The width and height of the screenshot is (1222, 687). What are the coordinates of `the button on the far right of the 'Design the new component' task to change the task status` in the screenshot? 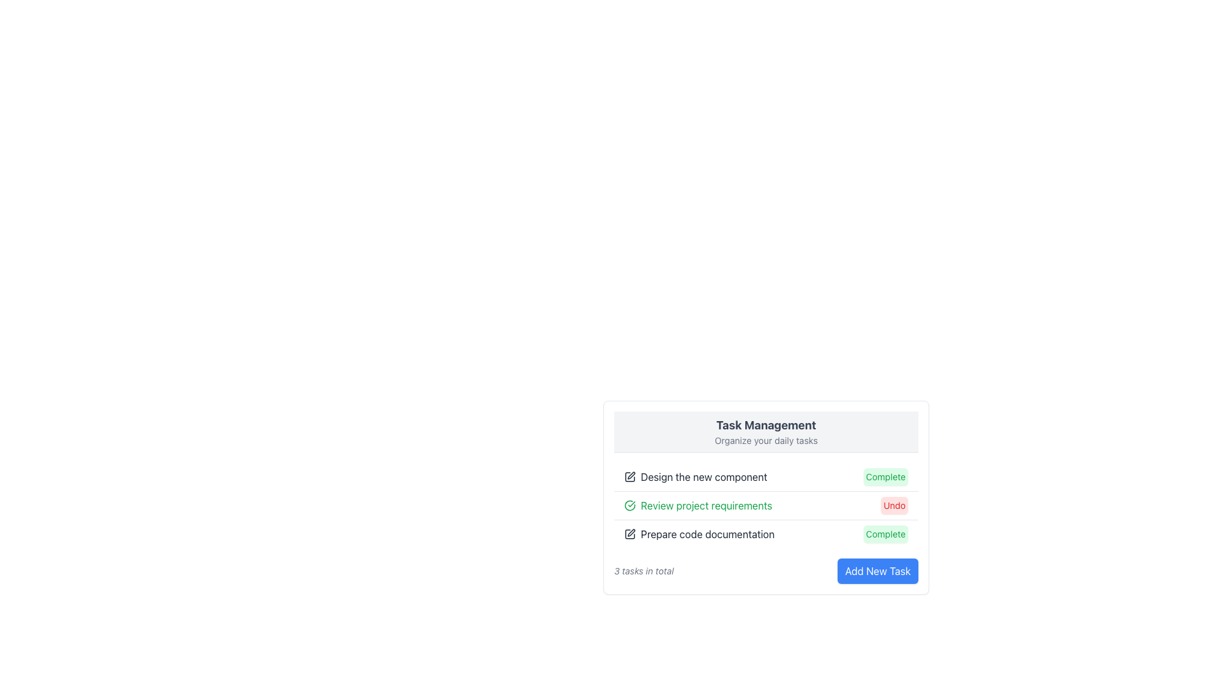 It's located at (885, 476).